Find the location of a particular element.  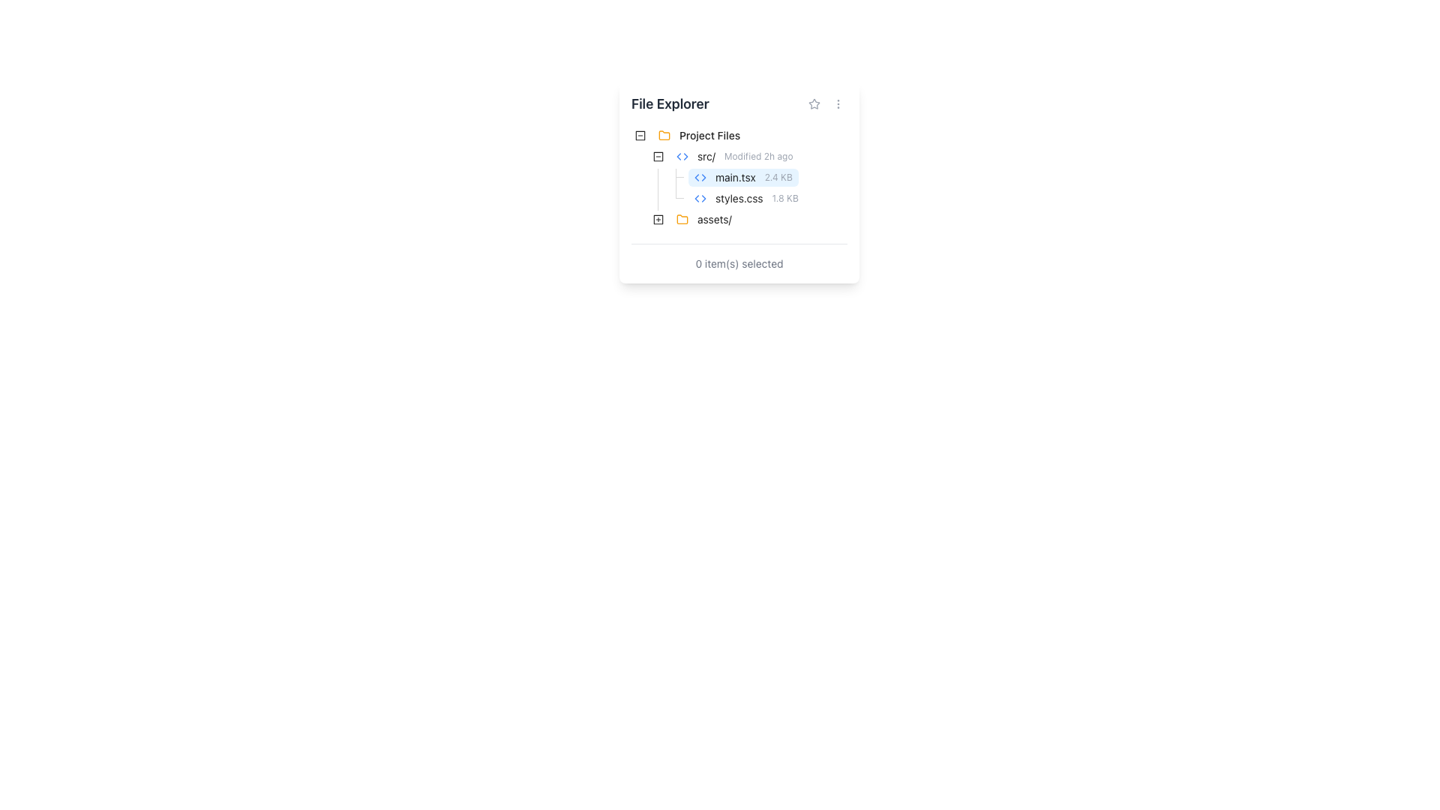

the 'Project Files' text label is located at coordinates (709, 136).